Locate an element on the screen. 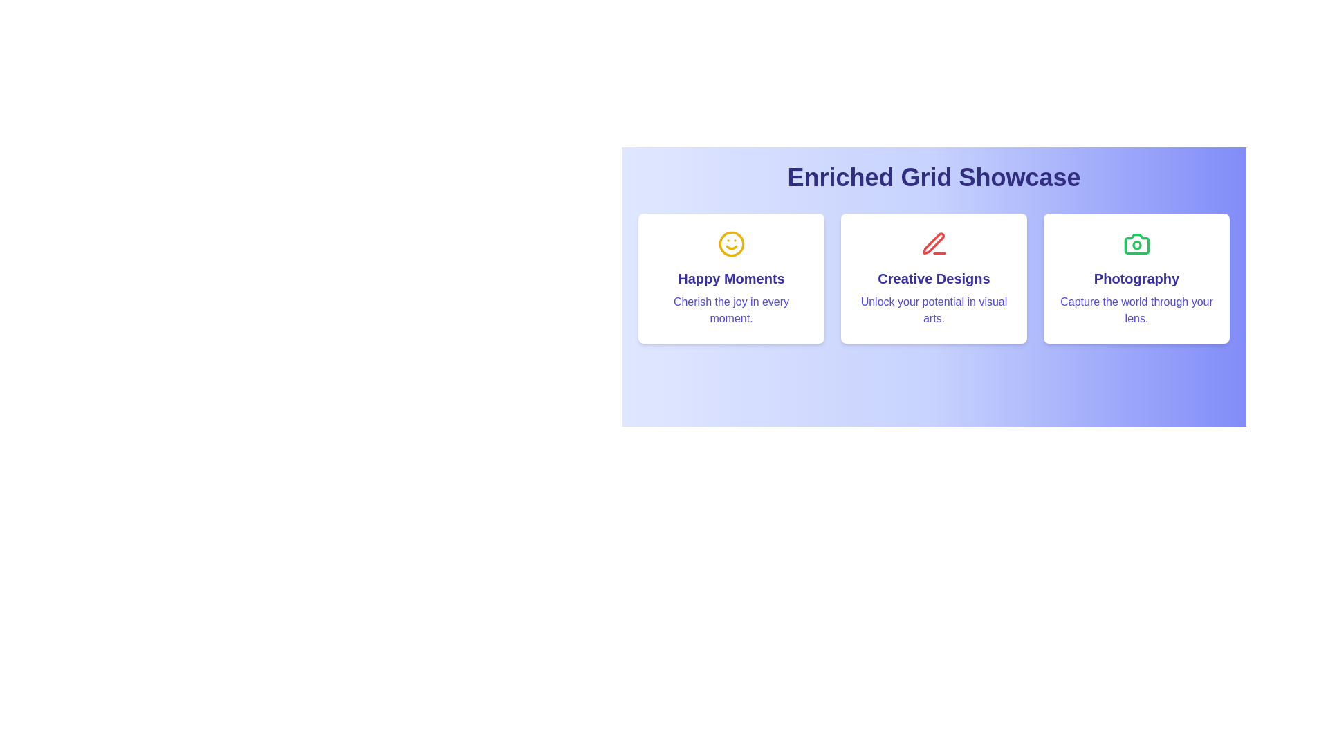 This screenshot has height=747, width=1328. the yellow smiley face icon located within the card titled 'Happy Moments', which is positioned above the title text 'Happy Moments' and the description text 'Cherish the joy in every moment.' is located at coordinates (730, 243).